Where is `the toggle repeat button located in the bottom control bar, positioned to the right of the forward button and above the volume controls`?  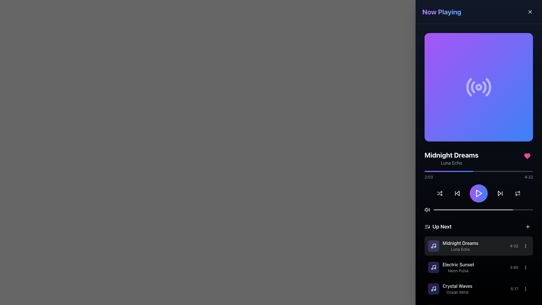 the toggle repeat button located in the bottom control bar, positioned to the right of the forward button and above the volume controls is located at coordinates (517, 193).